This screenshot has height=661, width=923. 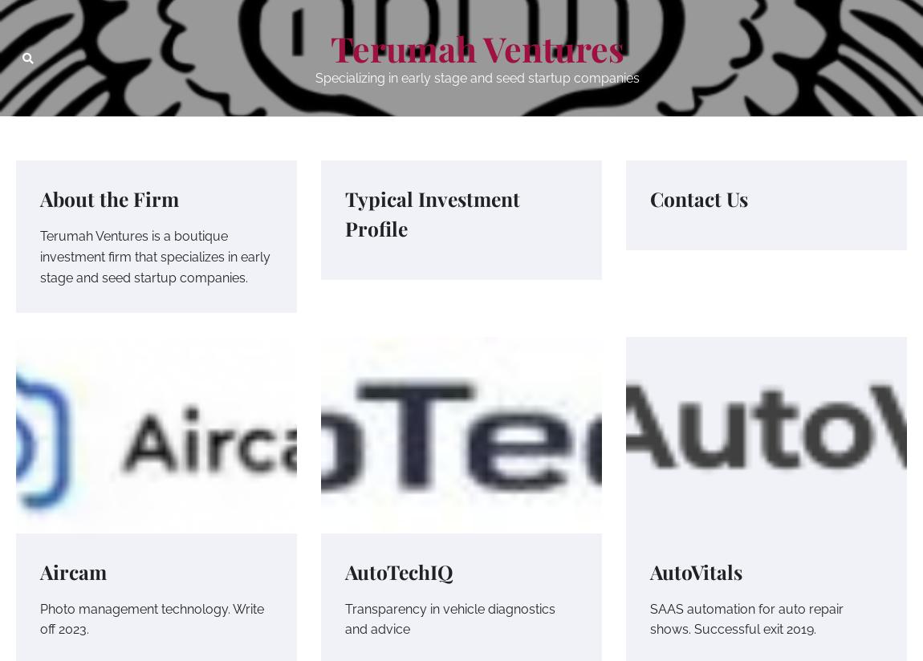 I want to click on 'AutoTechIQ', so click(x=399, y=570).